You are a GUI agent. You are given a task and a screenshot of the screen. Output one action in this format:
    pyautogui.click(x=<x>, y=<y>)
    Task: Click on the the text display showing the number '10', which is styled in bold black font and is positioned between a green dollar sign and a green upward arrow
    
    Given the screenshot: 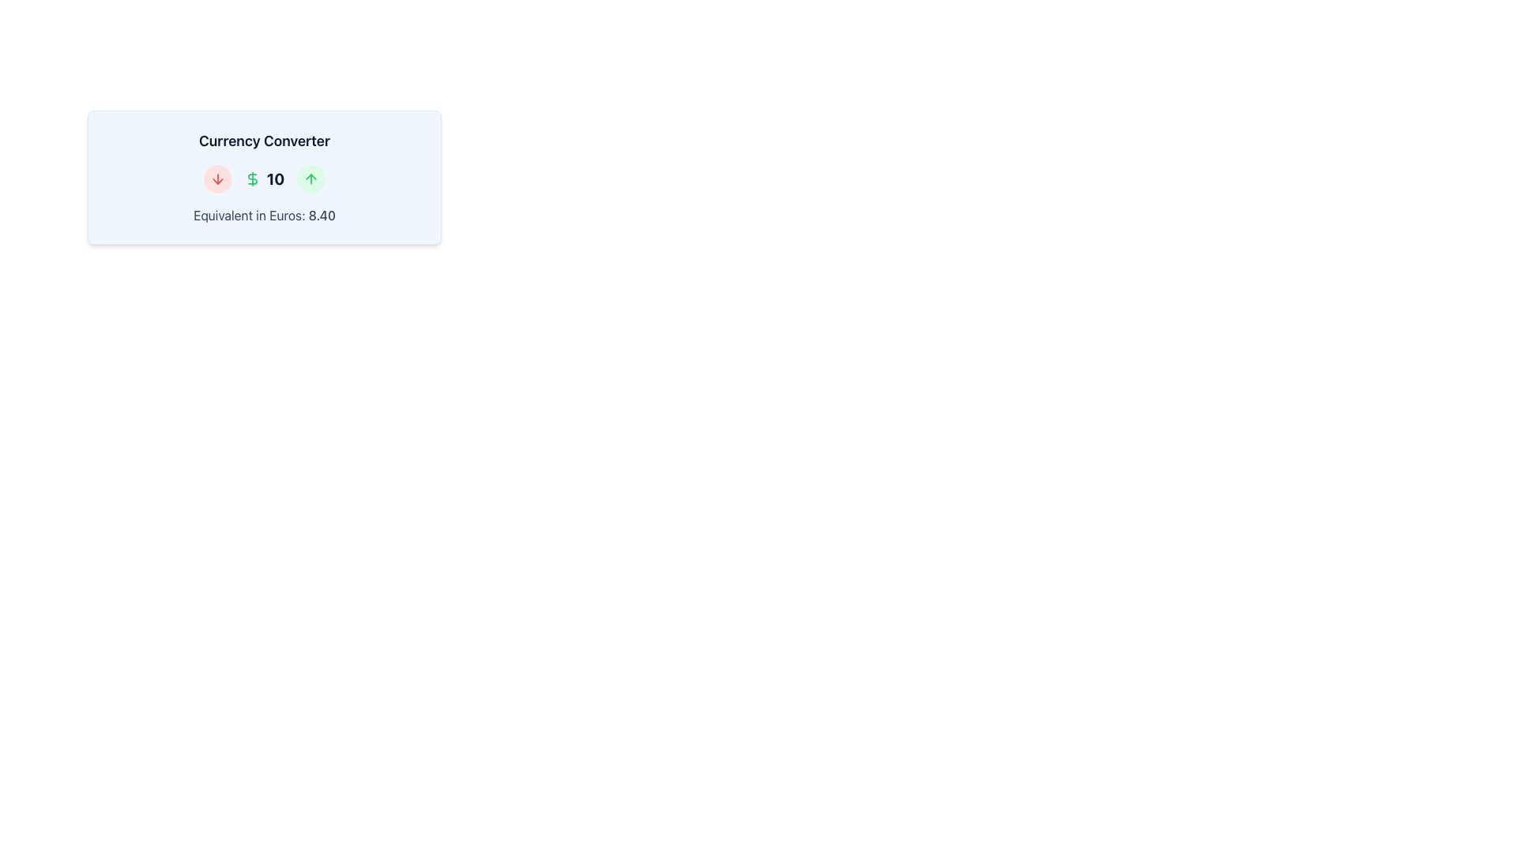 What is the action you would take?
    pyautogui.click(x=276, y=178)
    